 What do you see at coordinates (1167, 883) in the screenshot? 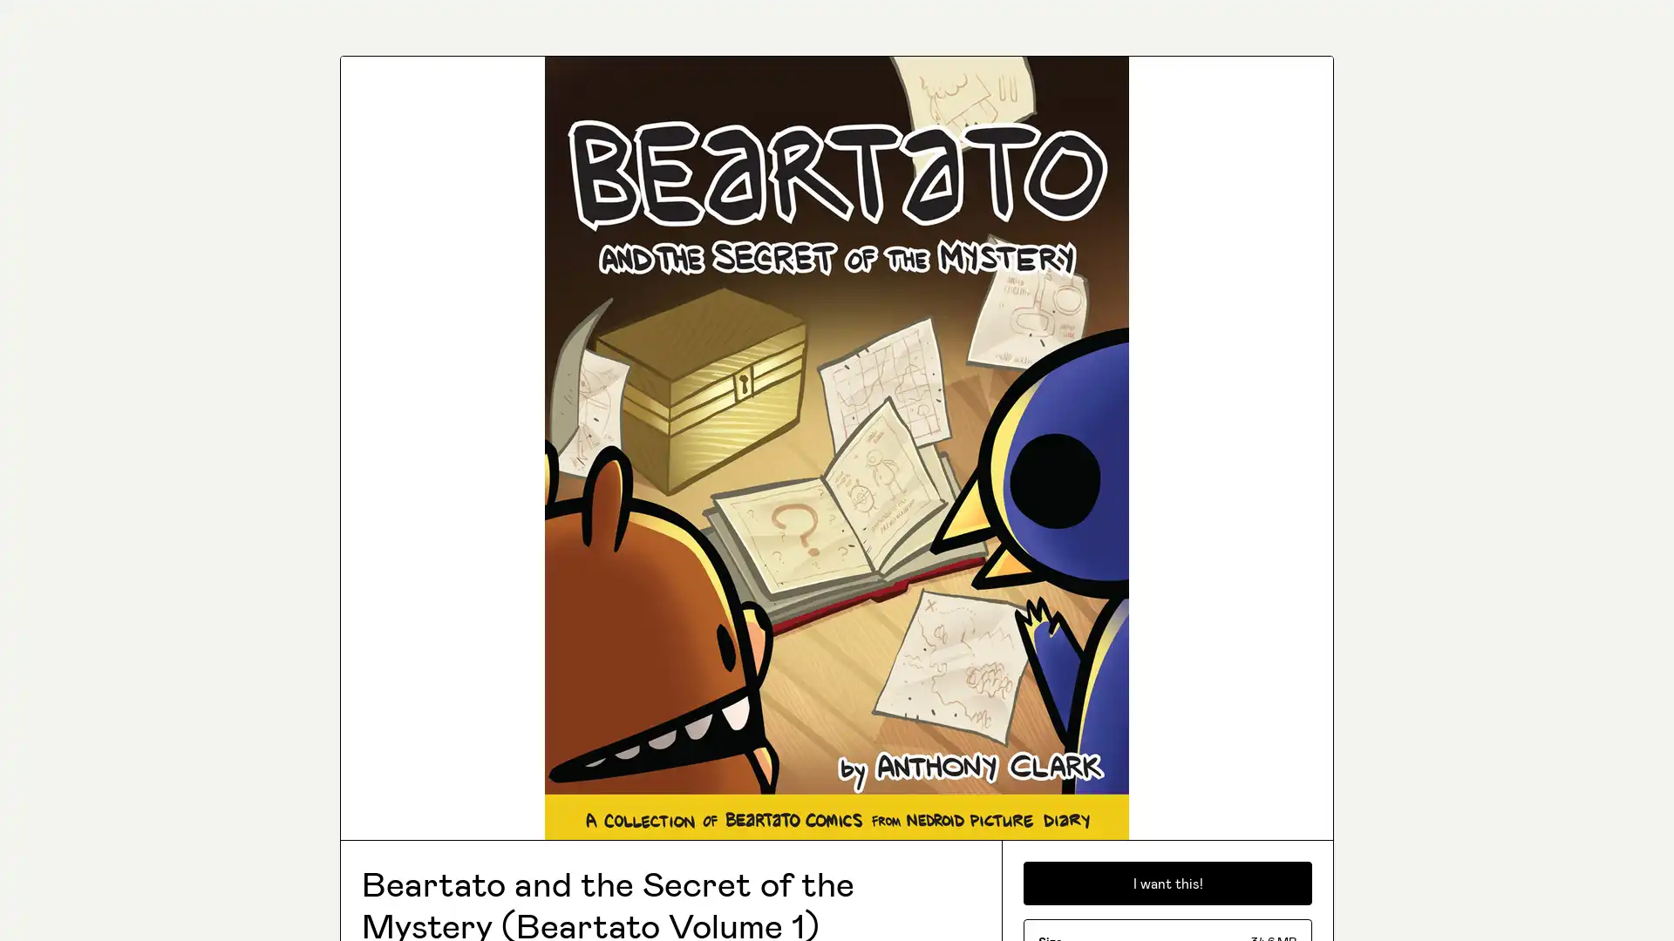
I see `I want this!` at bounding box center [1167, 883].